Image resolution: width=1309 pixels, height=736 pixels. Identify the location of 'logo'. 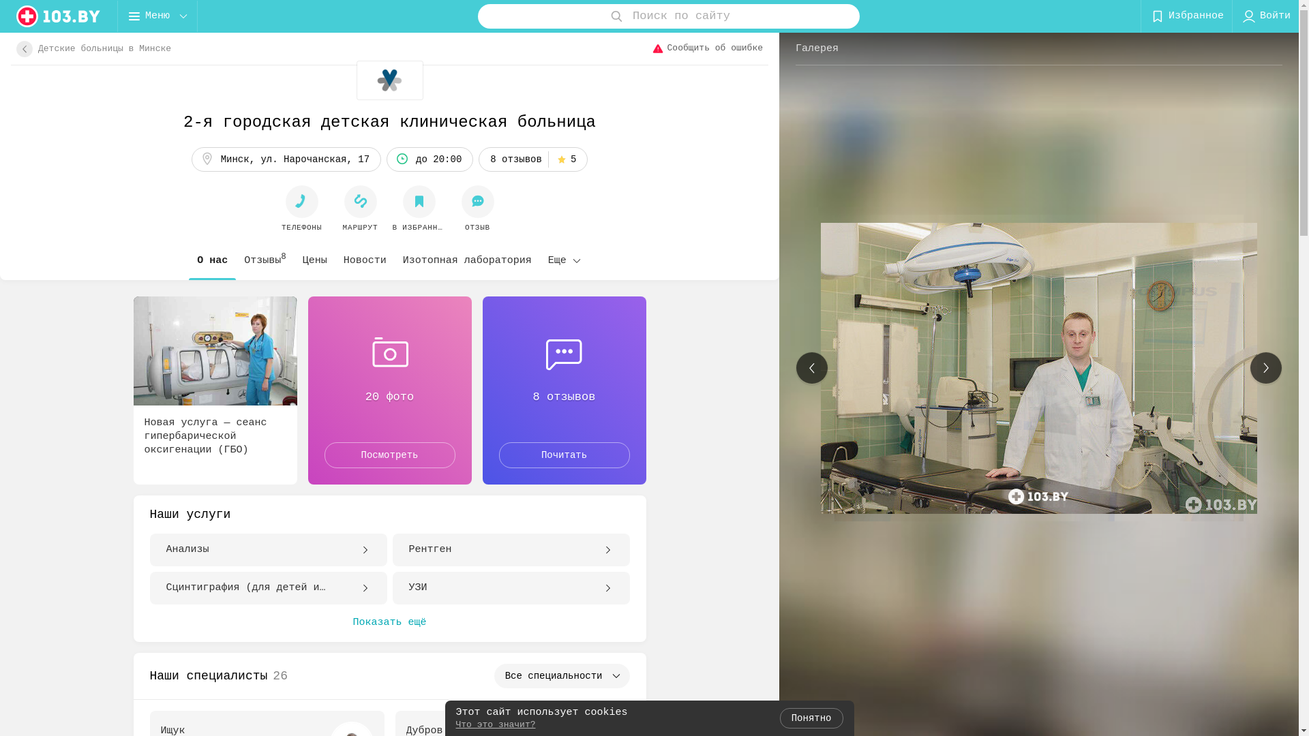
(16, 16).